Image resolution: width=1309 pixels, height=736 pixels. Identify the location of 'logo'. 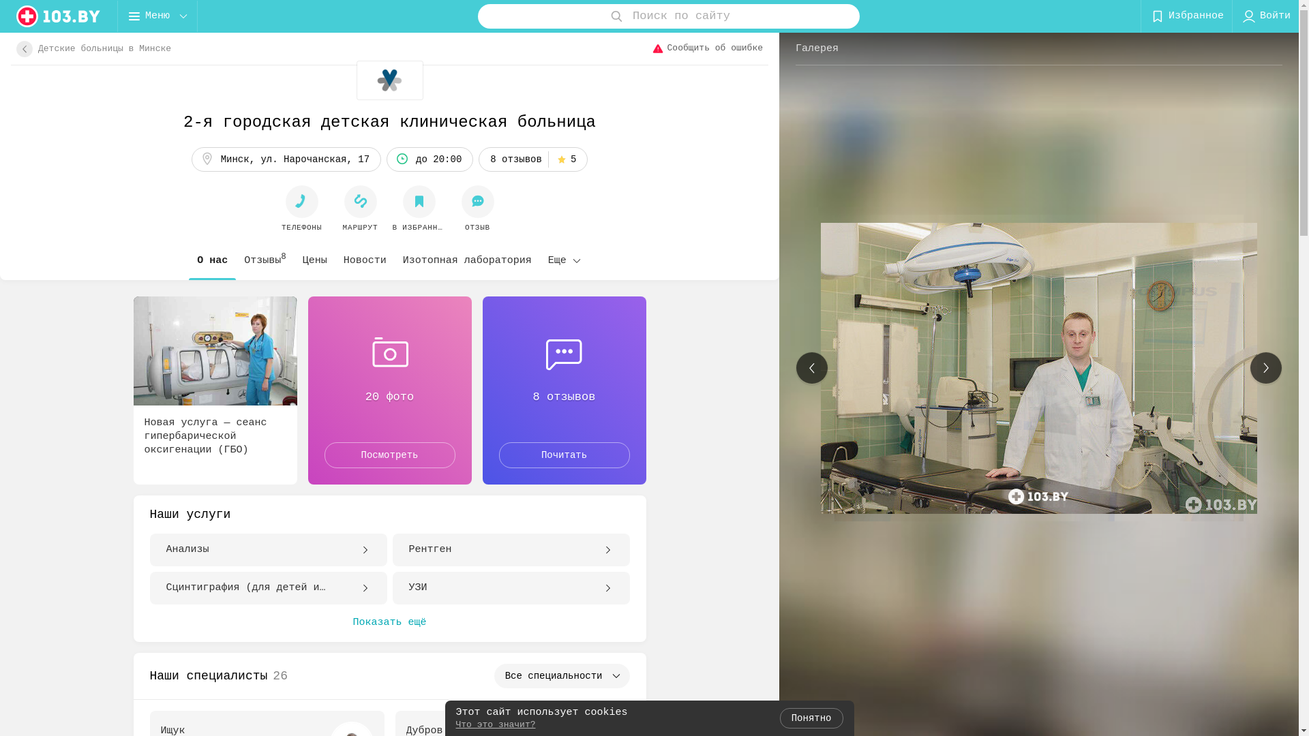
(16, 16).